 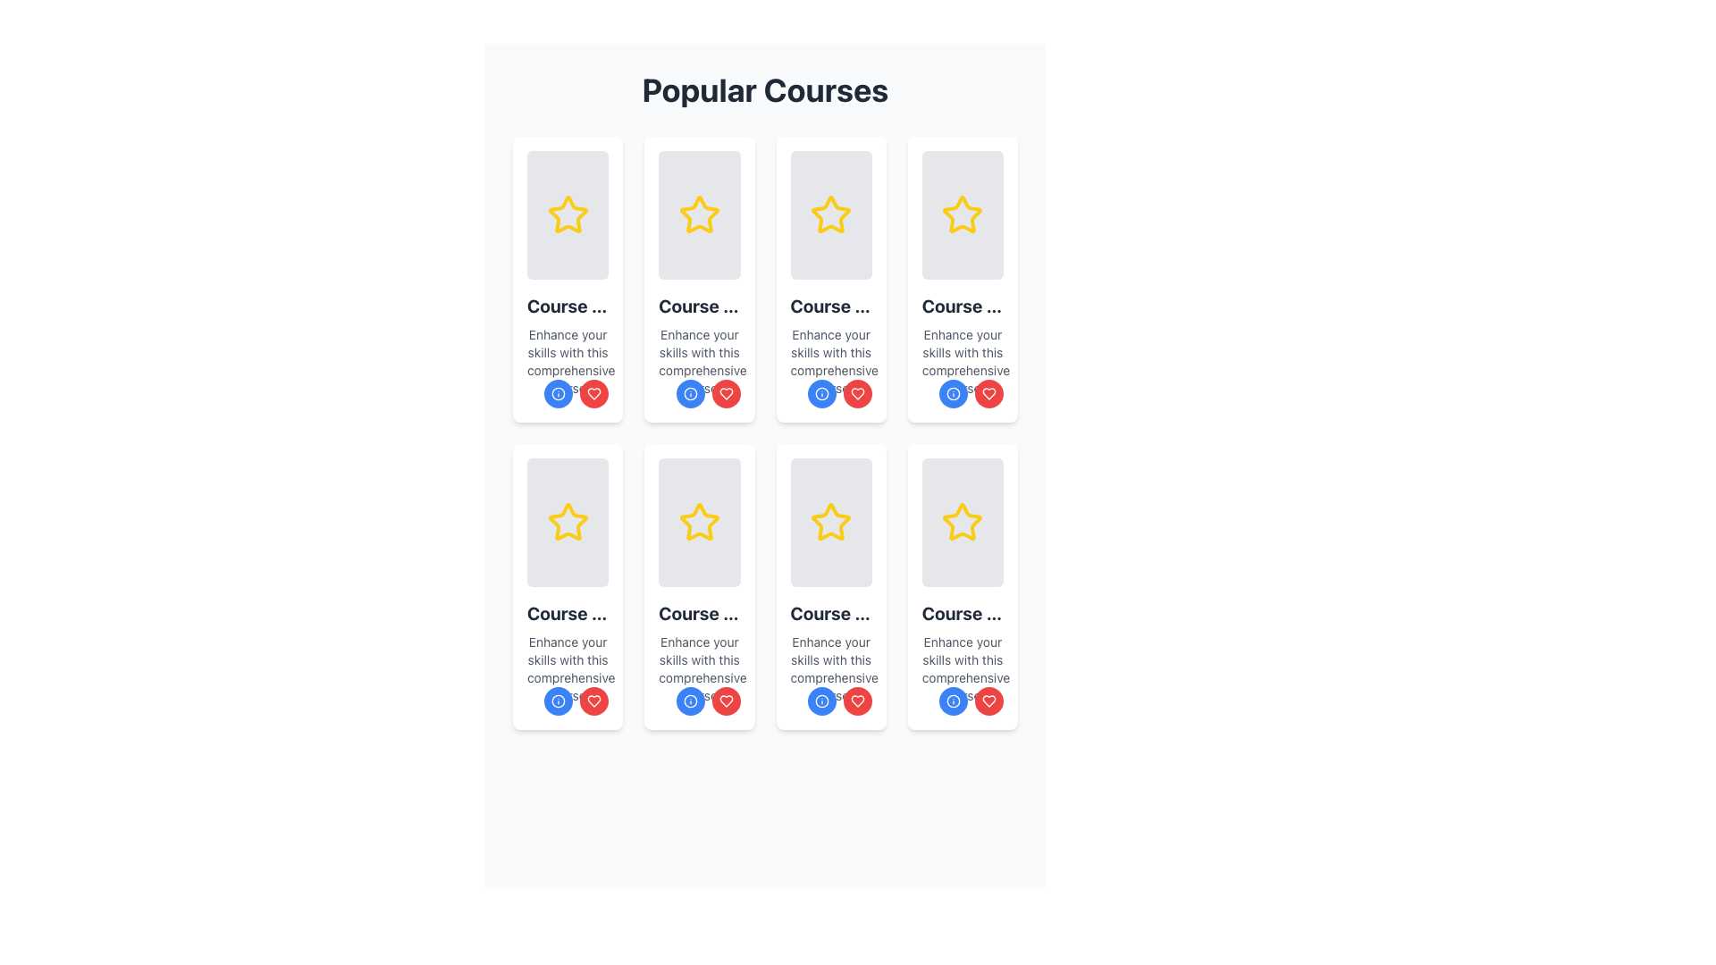 I want to click on text element that displays 'Enhance your skills with this comprehensive course.' located under 'Course Title 4' in the second row, third column of the course card grid, so click(x=962, y=362).